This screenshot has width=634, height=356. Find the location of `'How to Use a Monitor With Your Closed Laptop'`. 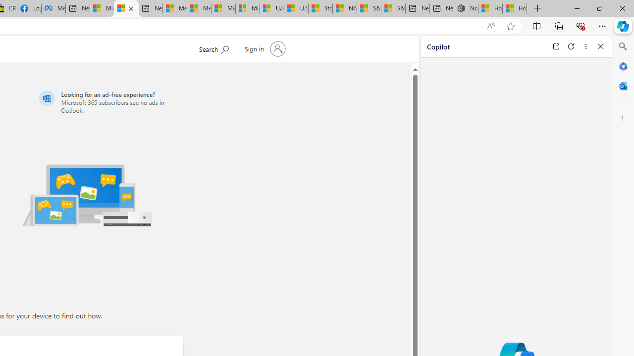

'How to Use a Monitor With Your Closed Laptop' is located at coordinates (515, 8).